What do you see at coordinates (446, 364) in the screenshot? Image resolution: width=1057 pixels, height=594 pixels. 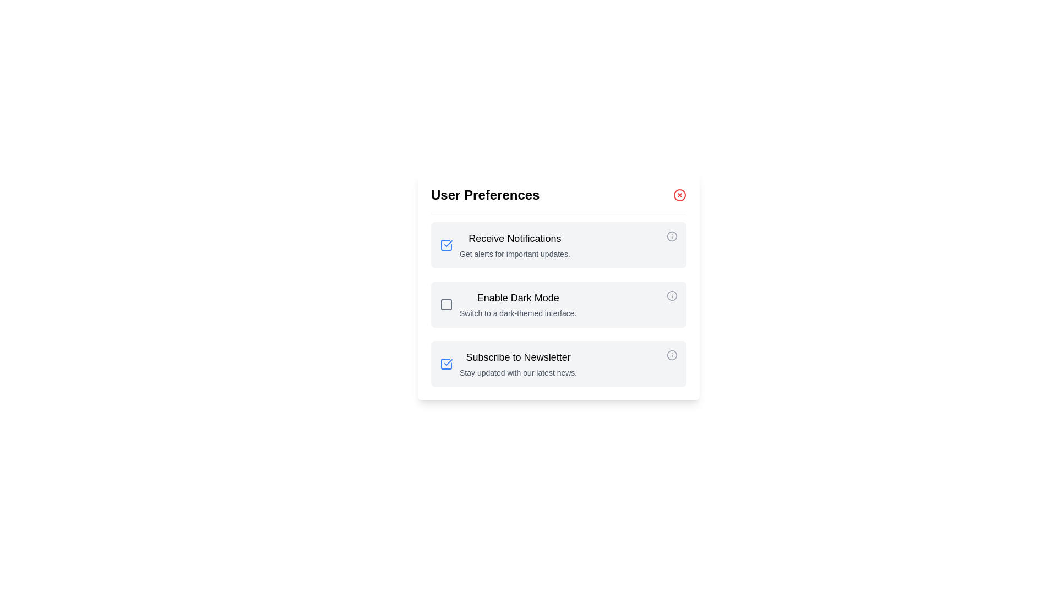 I see `the checkbox for 'Subscribe to Newsletter'` at bounding box center [446, 364].